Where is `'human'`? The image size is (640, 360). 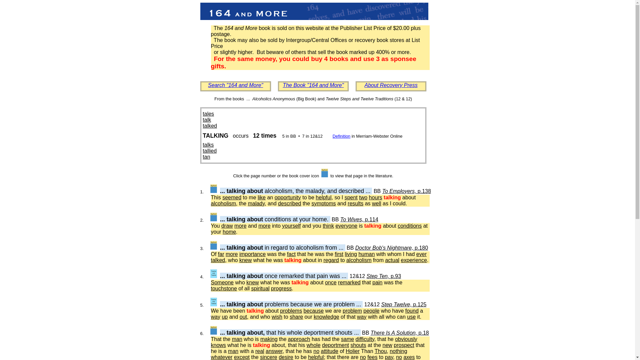
'human' is located at coordinates (366, 254).